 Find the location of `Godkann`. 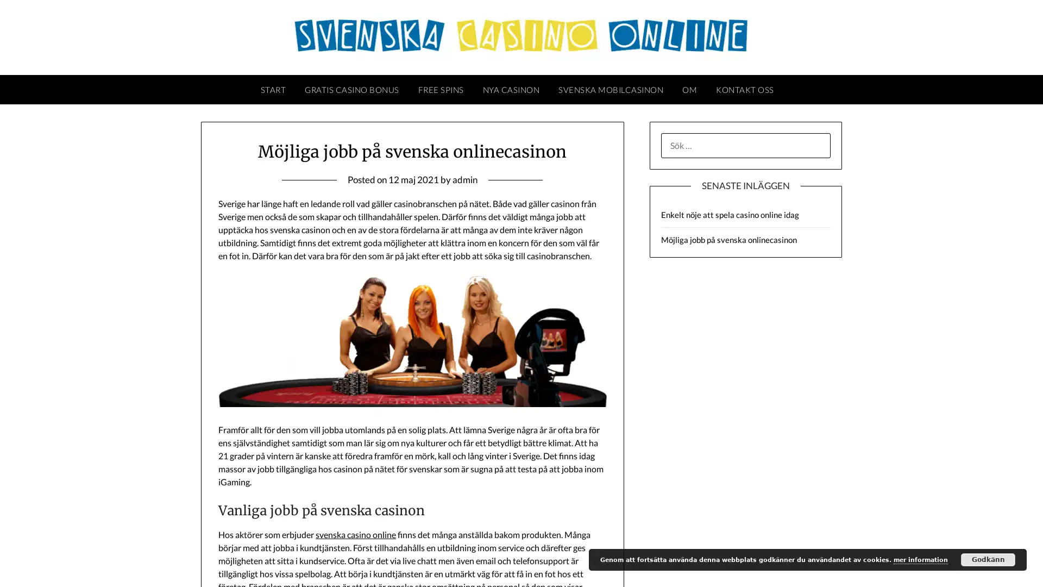

Godkann is located at coordinates (988, 559).